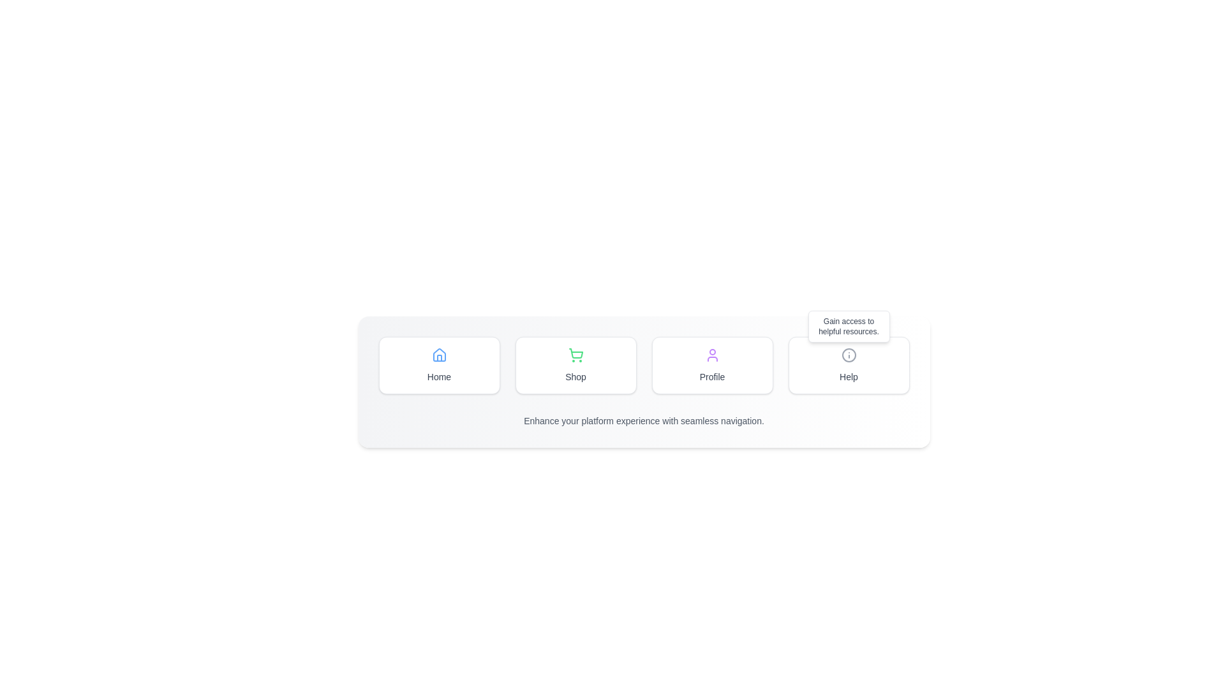 This screenshot has width=1225, height=689. I want to click on the 'Home' navigation label, which is centrally positioned below the house icon in the navigation bar, so click(439, 376).